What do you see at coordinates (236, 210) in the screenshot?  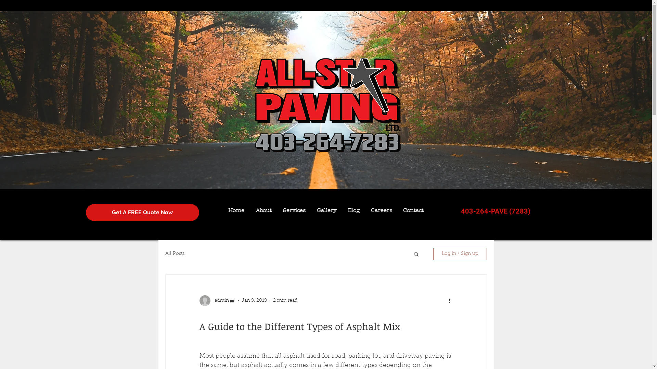 I see `'Home'` at bounding box center [236, 210].